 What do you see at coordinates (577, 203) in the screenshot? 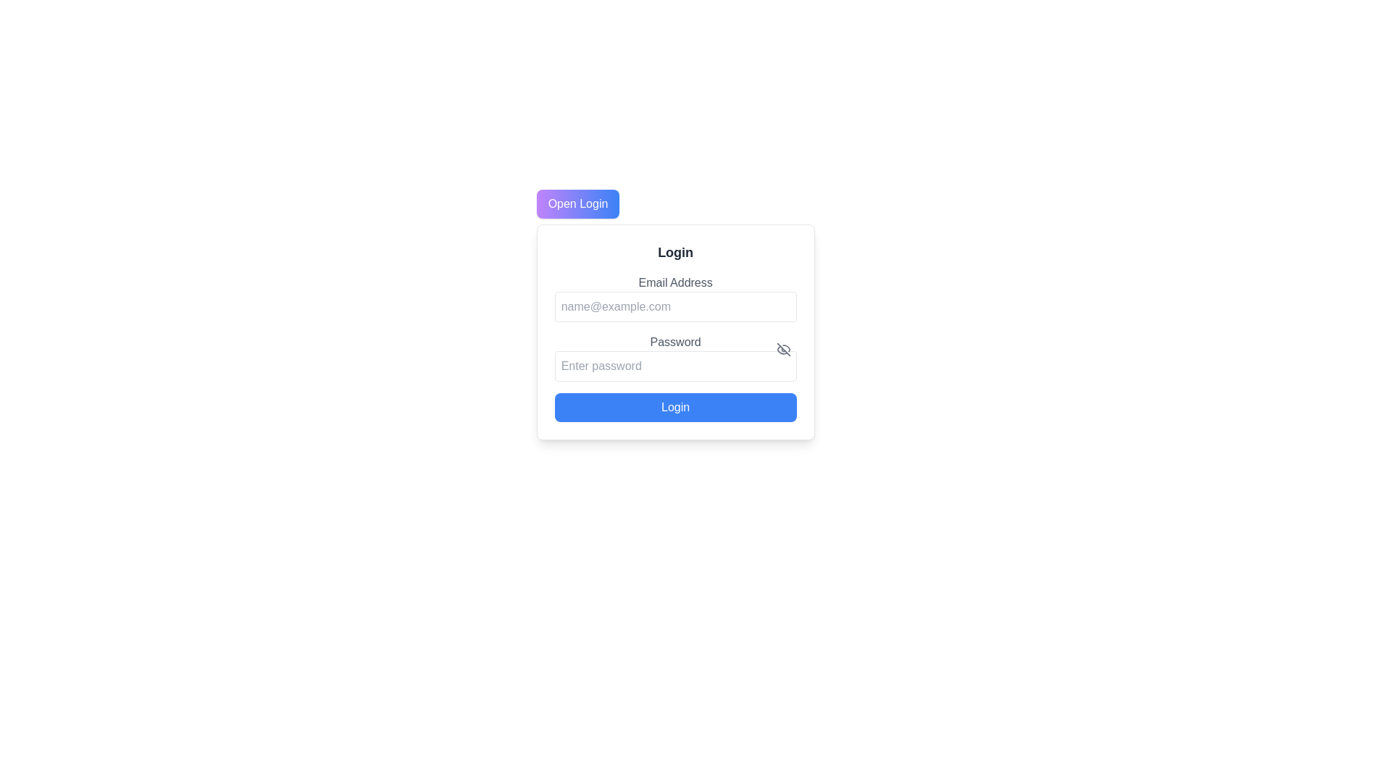
I see `the 'Open Login' button, which has a gradient background from purple to blue and white text` at bounding box center [577, 203].